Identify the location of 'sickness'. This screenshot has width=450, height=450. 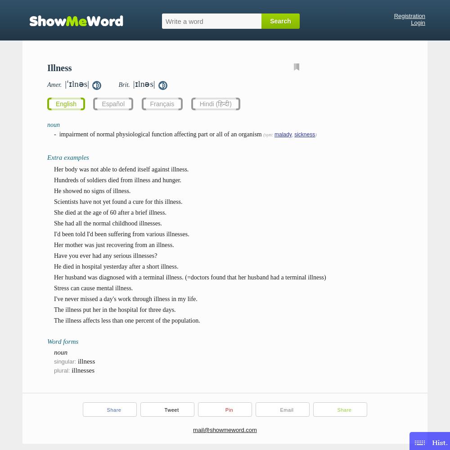
(305, 135).